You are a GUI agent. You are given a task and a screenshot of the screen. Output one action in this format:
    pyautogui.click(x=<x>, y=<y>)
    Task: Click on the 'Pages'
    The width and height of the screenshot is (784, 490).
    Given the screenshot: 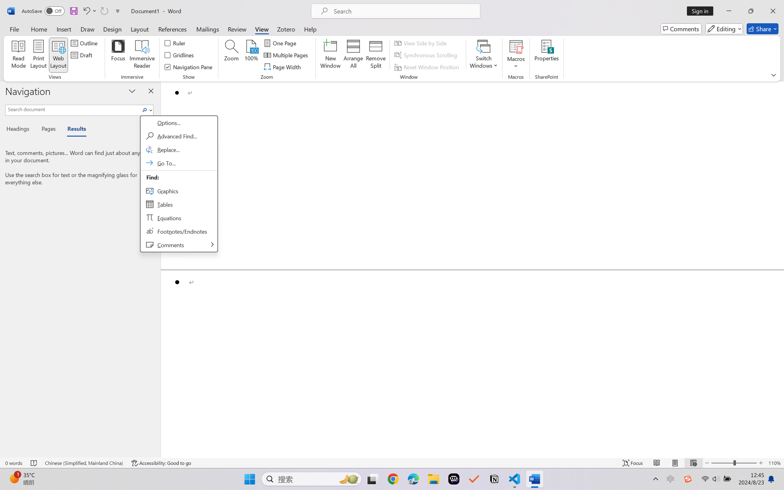 What is the action you would take?
    pyautogui.click(x=48, y=130)
    